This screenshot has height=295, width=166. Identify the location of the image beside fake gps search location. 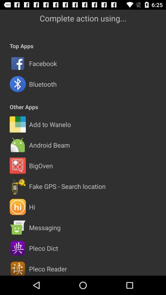
(18, 186).